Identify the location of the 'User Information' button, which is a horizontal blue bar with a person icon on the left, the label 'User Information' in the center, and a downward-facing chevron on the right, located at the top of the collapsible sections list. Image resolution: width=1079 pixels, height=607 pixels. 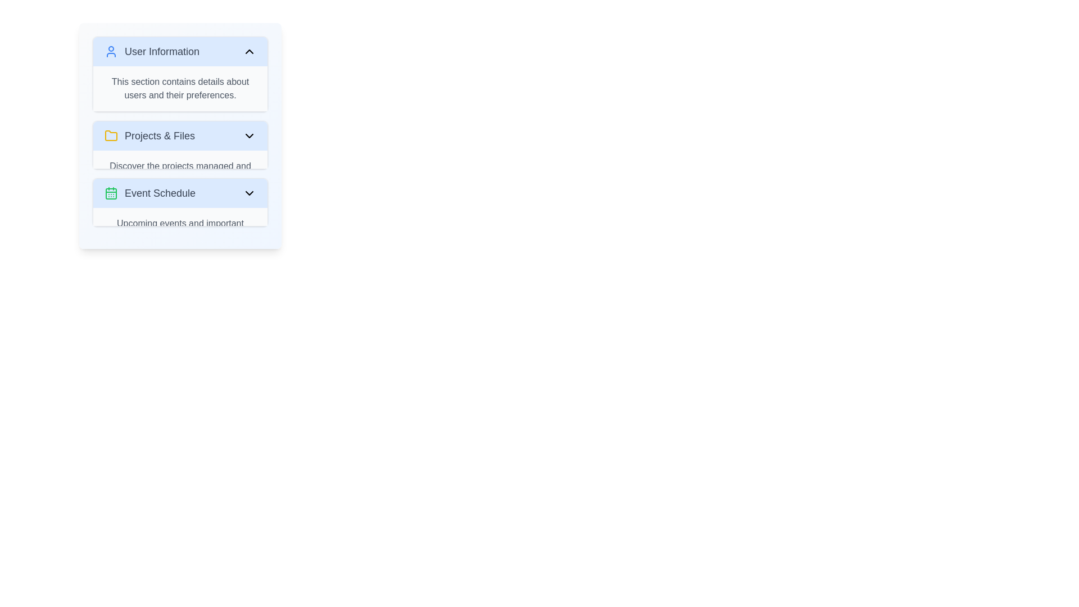
(180, 52).